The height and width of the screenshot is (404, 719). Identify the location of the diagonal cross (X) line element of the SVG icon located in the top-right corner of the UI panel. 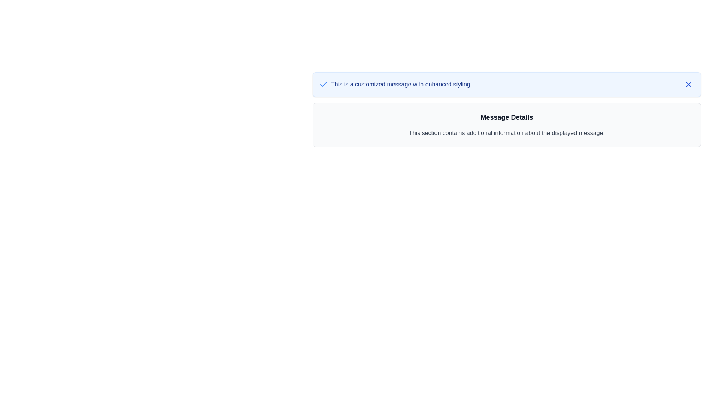
(688, 84).